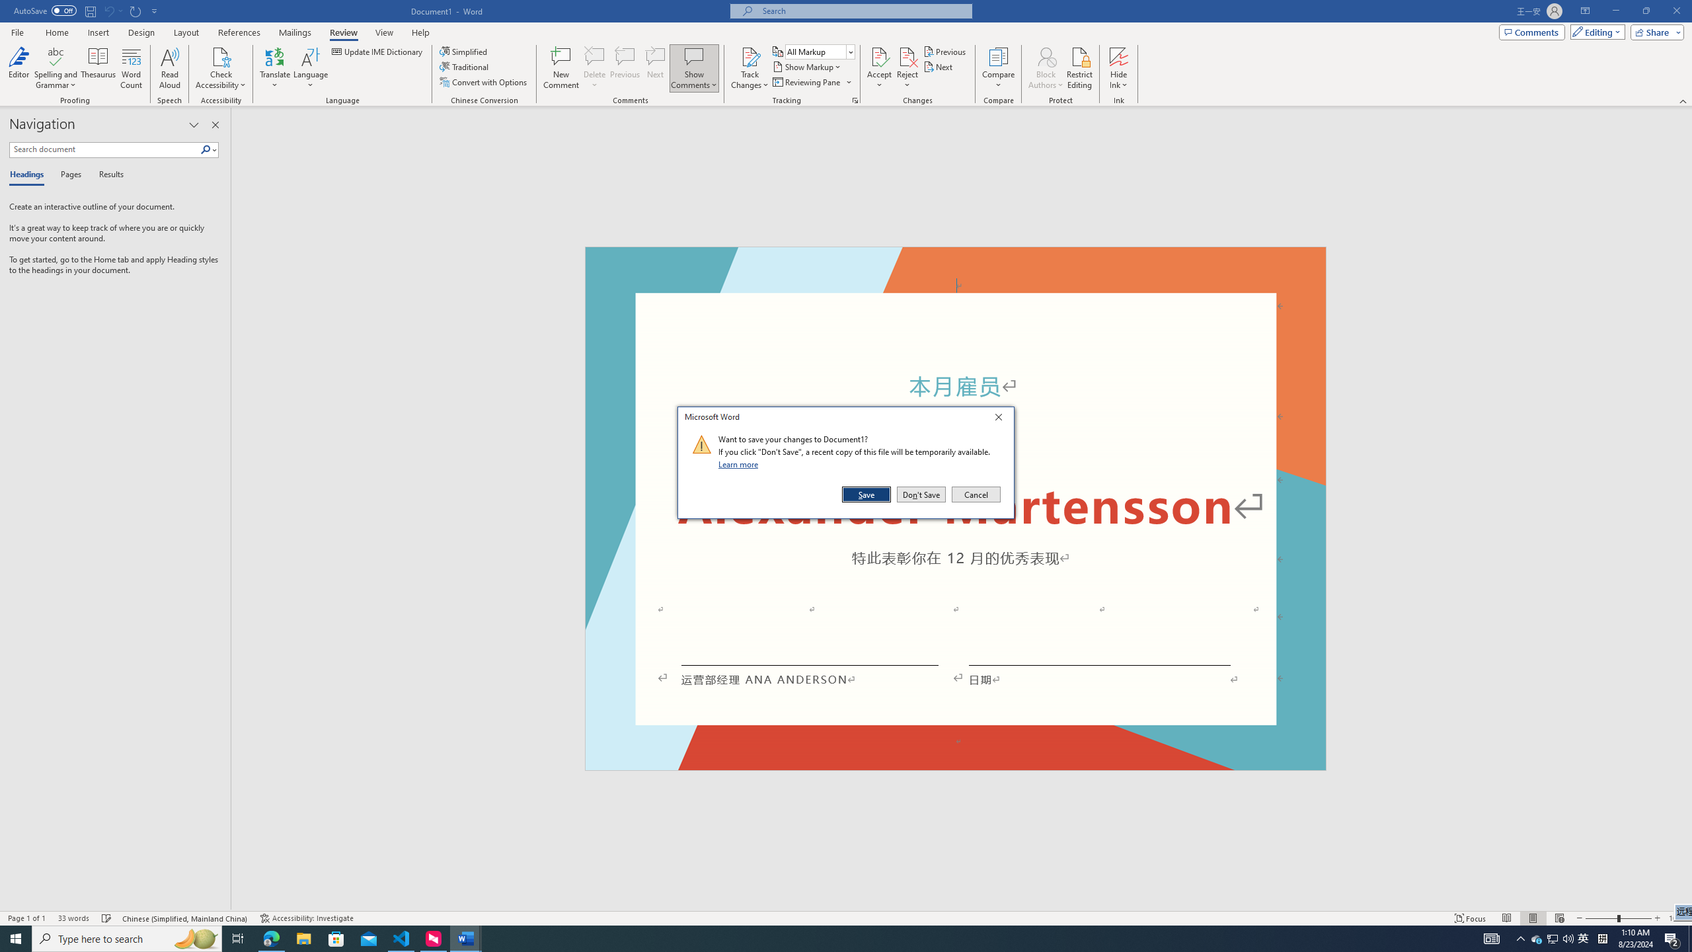 The image size is (1692, 952). Describe the element at coordinates (275, 68) in the screenshot. I see `'Translate'` at that location.